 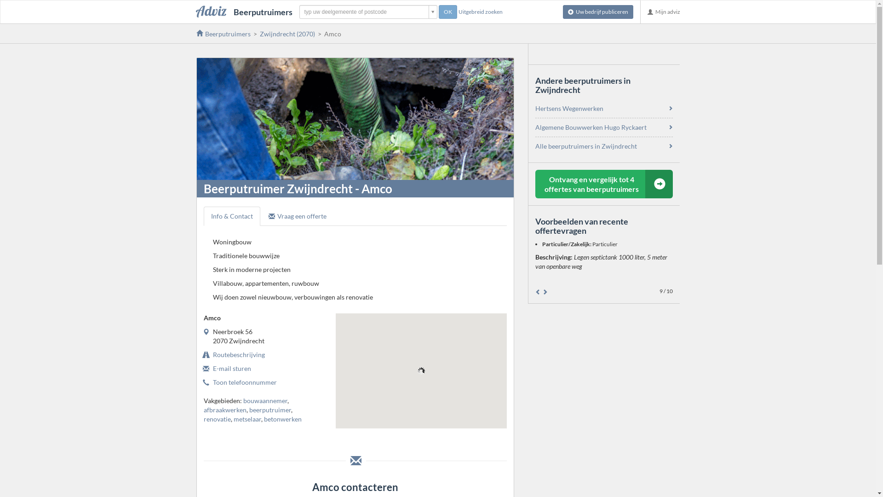 What do you see at coordinates (585, 145) in the screenshot?
I see `'Alle beerputruimers in Zwijndrecht'` at bounding box center [585, 145].